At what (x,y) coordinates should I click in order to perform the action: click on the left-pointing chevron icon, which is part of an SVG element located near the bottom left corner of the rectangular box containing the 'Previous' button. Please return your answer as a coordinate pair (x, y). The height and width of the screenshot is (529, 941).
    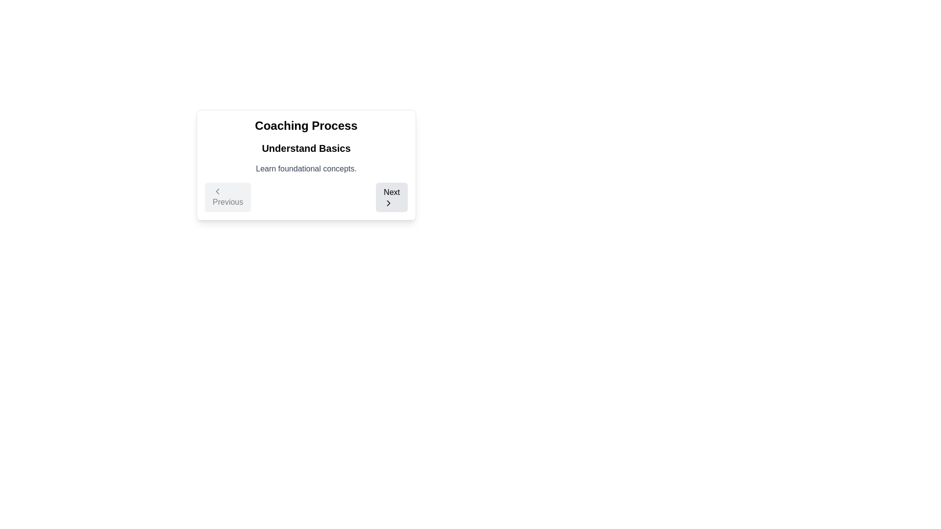
    Looking at the image, I should click on (217, 191).